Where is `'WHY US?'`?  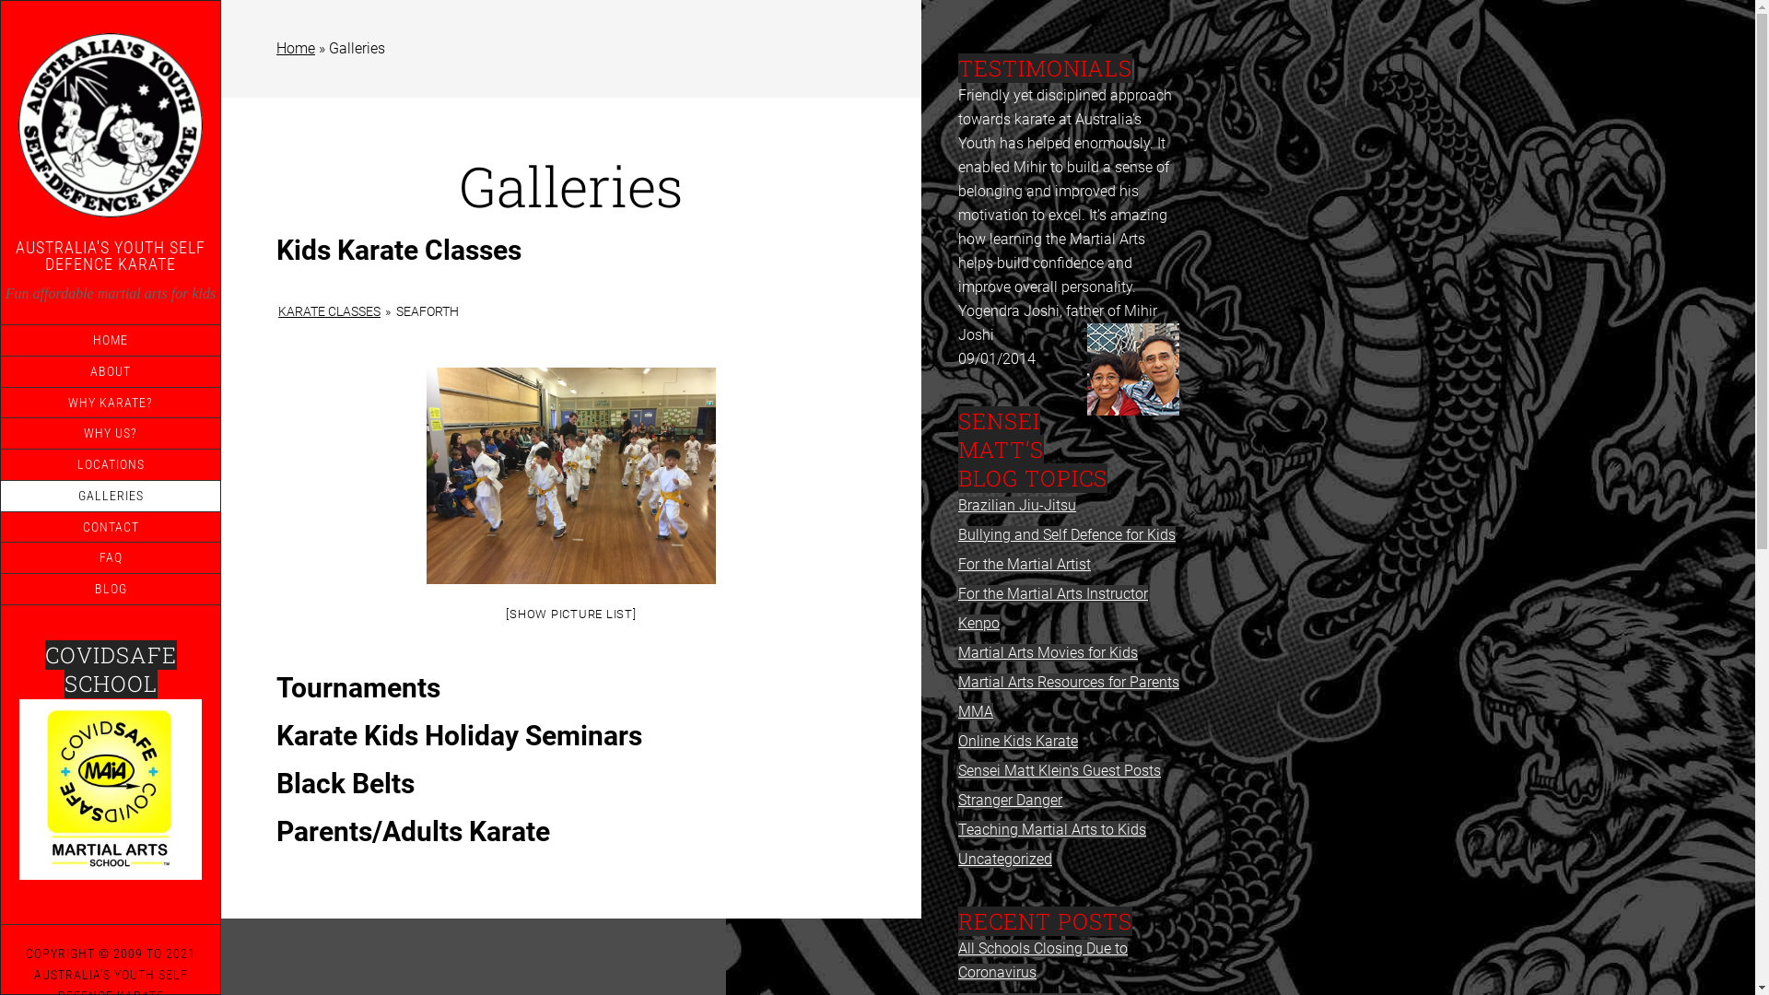 'WHY US?' is located at coordinates (0, 433).